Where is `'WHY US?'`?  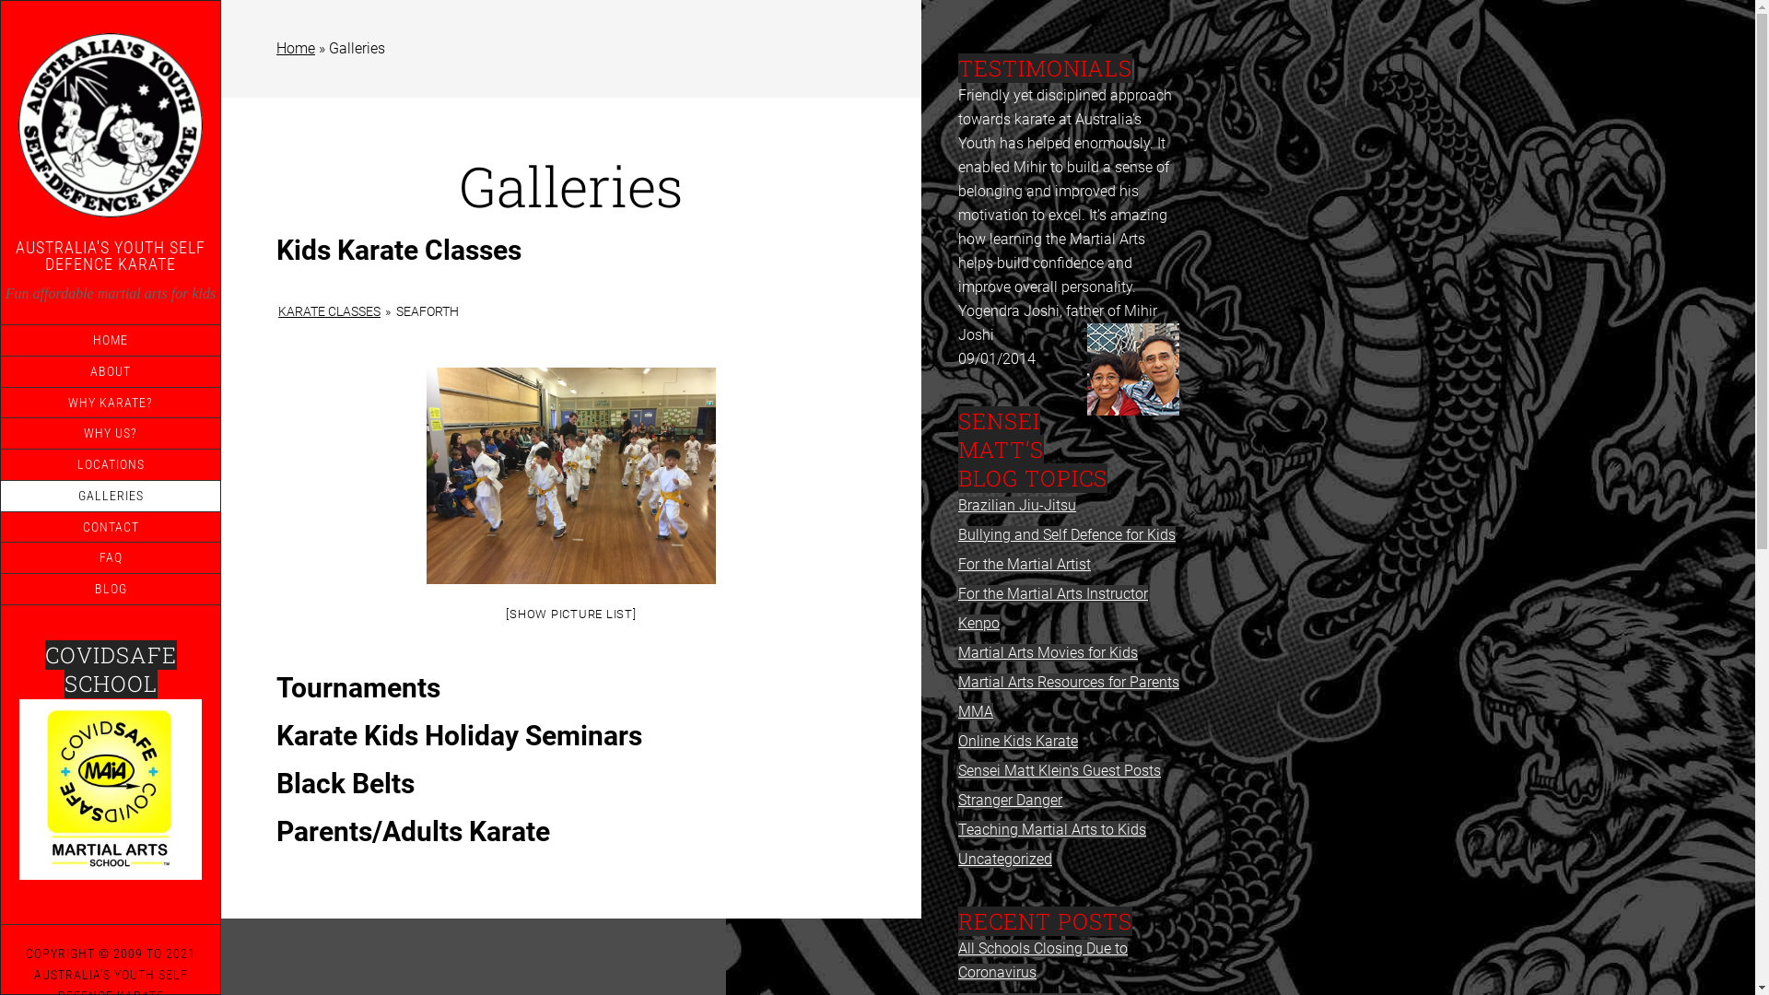 'WHY US?' is located at coordinates (0, 433).